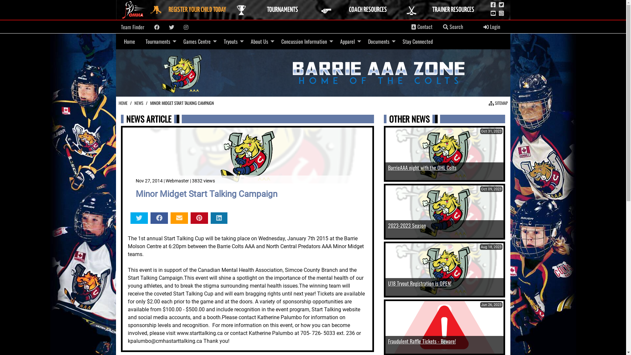 The height and width of the screenshot is (355, 631). Describe the element at coordinates (172, 27) in the screenshot. I see `'Twitter'` at that location.